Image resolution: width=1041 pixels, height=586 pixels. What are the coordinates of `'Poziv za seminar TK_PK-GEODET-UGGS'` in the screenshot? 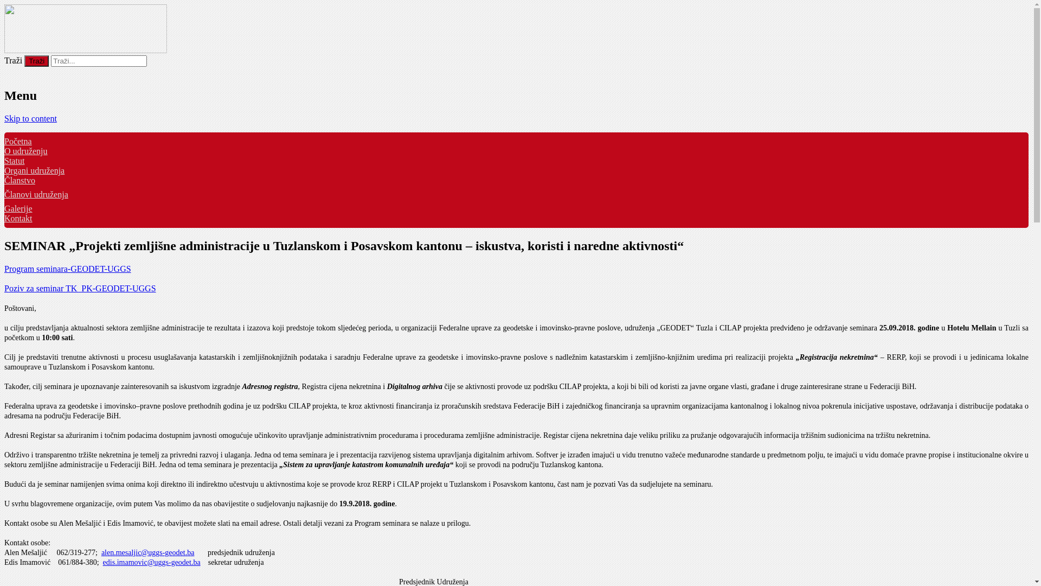 It's located at (4, 288).